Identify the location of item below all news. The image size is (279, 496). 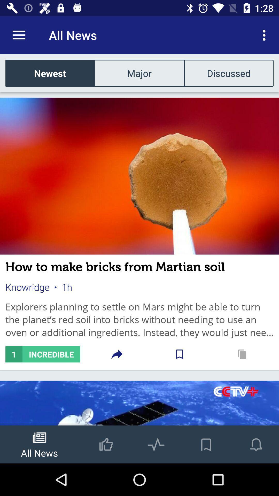
(139, 73).